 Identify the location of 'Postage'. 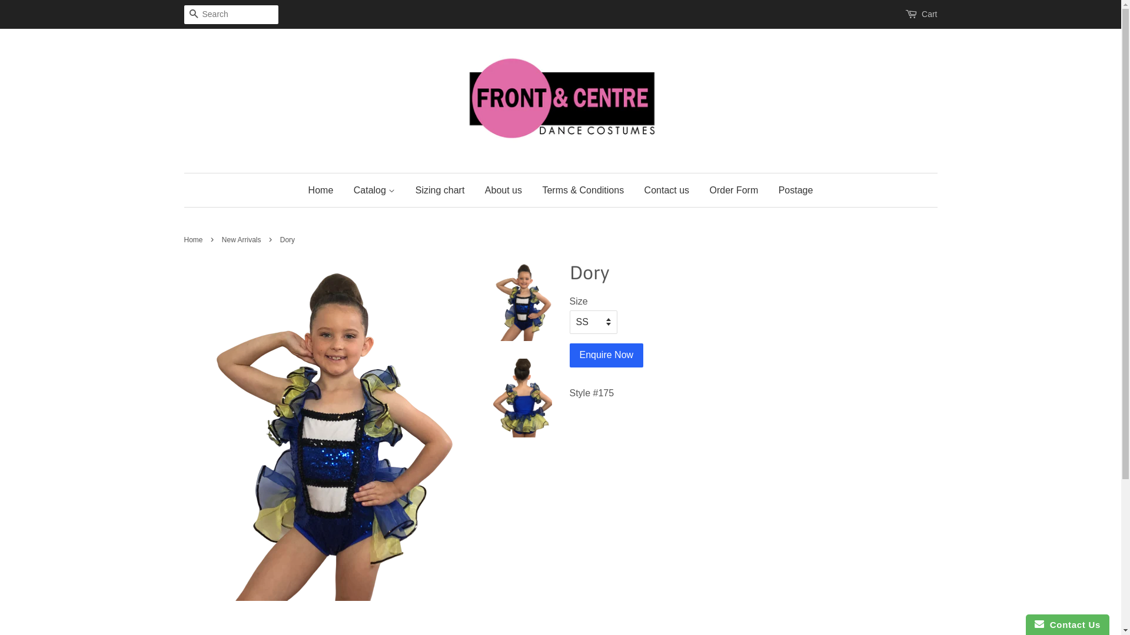
(791, 189).